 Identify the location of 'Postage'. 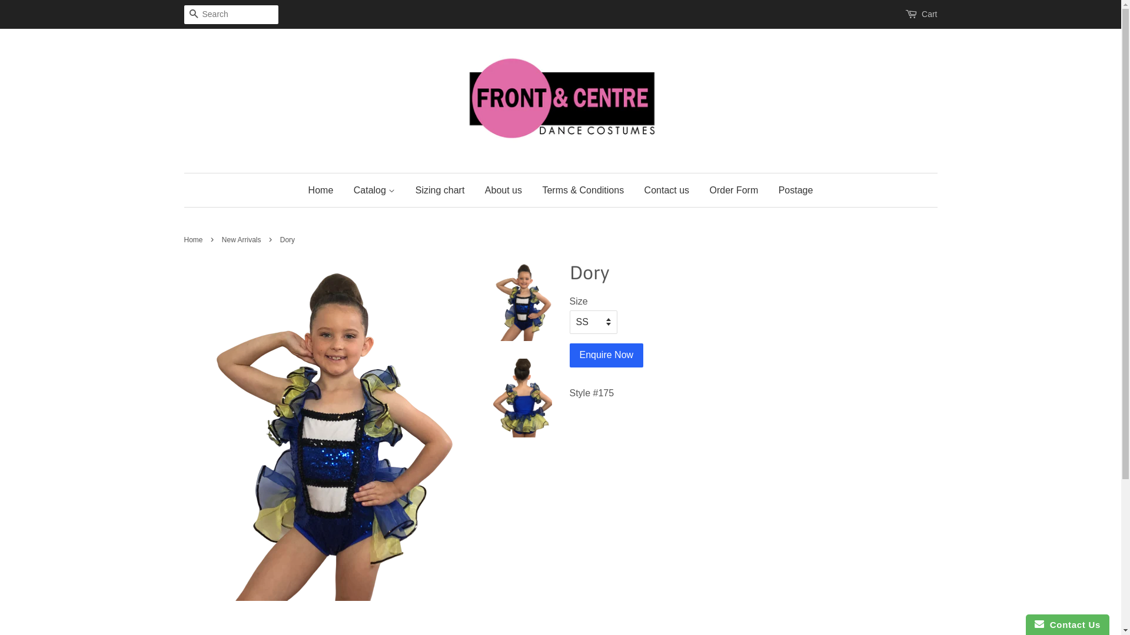
(791, 189).